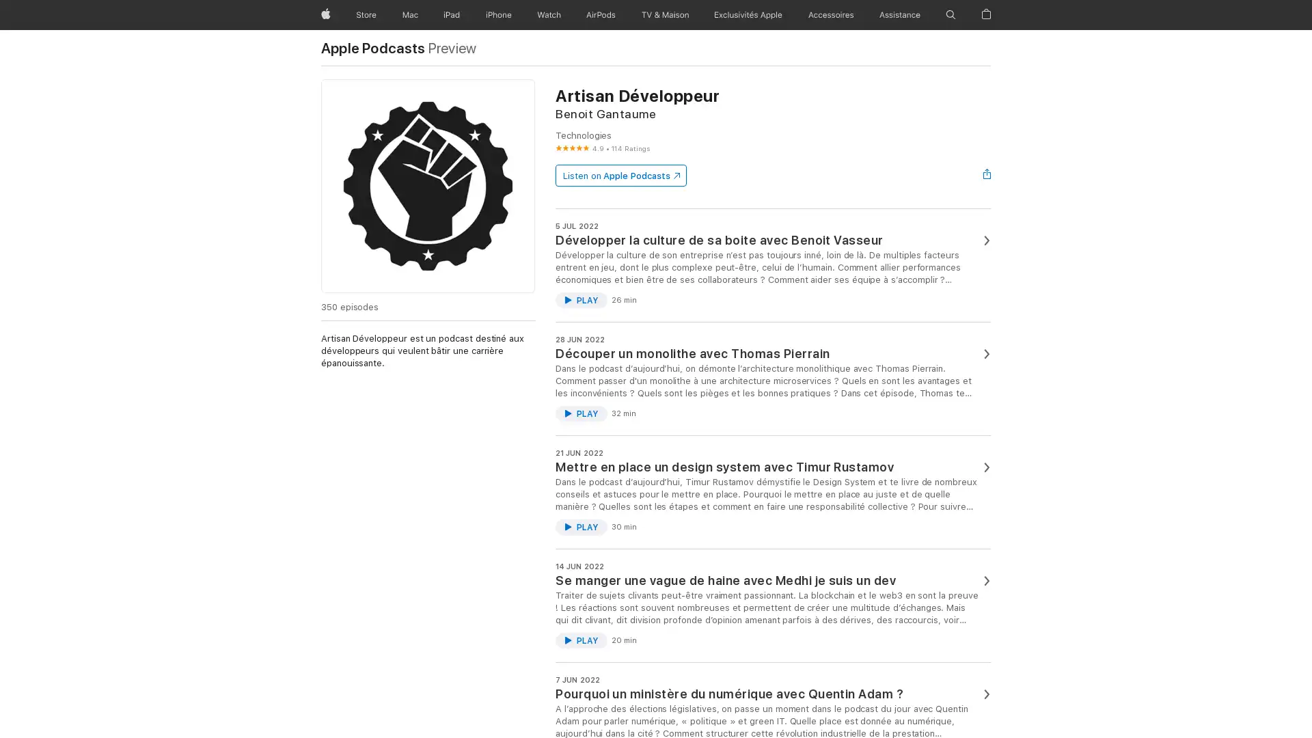 The width and height of the screenshot is (1312, 738). Describe the element at coordinates (581, 299) in the screenshot. I see `Play Developper la culture de sa boite avec Benoit Vasseur by @@podcastArtist@@` at that location.